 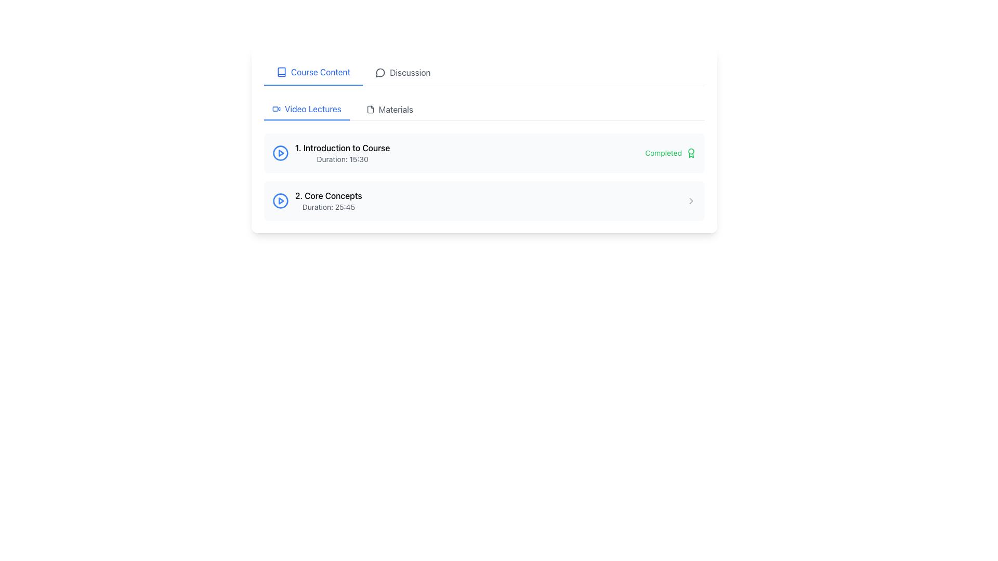 I want to click on the Navigation tab, so click(x=483, y=110).